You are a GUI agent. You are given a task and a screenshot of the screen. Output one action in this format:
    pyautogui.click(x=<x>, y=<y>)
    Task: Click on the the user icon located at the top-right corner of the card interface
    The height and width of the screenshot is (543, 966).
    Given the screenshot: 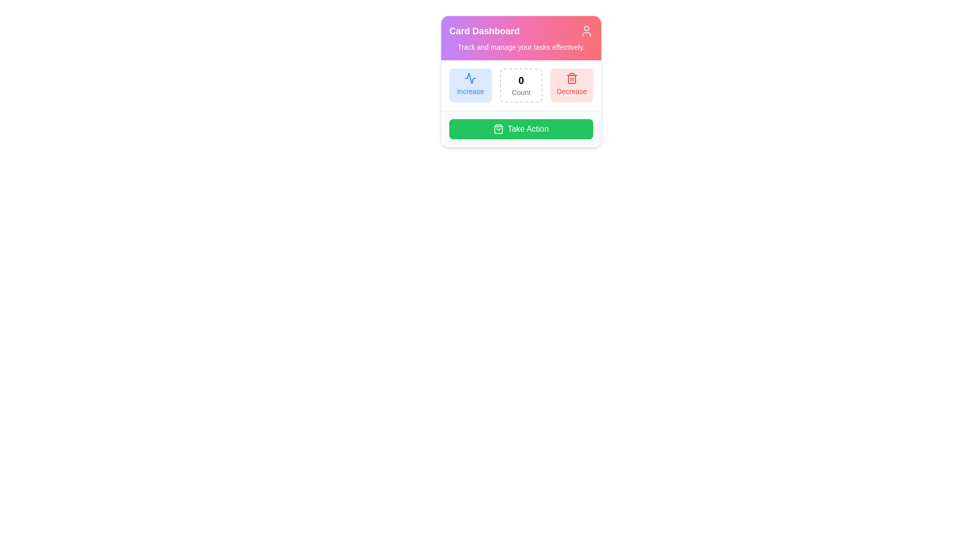 What is the action you would take?
    pyautogui.click(x=587, y=30)
    